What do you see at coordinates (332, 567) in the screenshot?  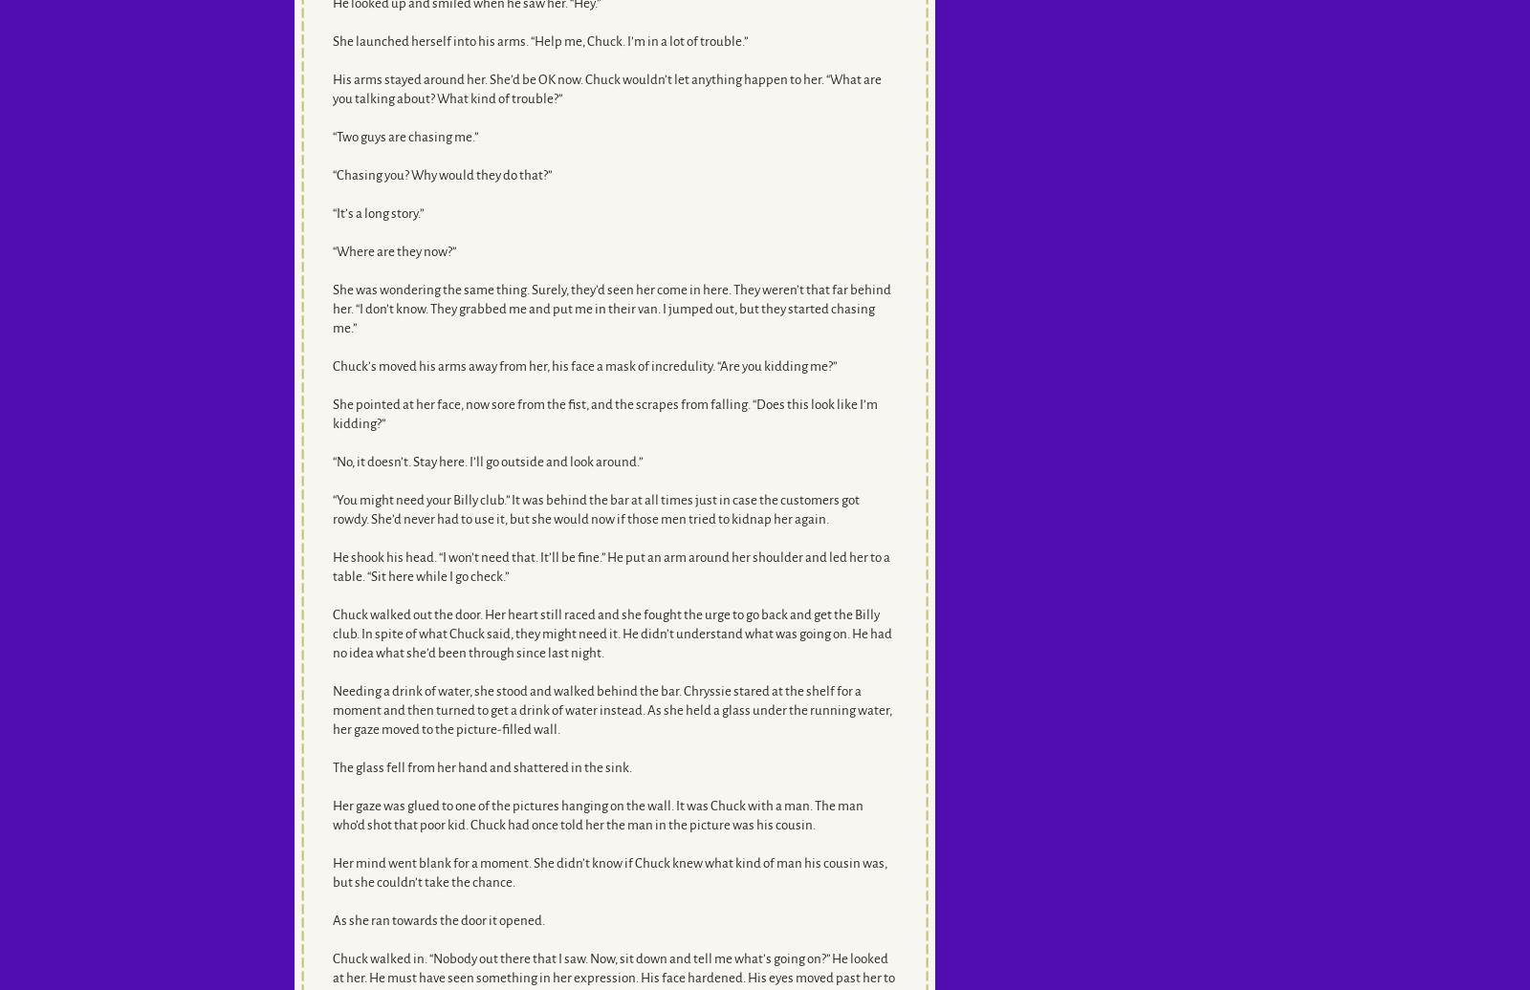 I see `'He shook his head. “I won’t need that. It’ll be fine.” He put an arm around her shoulder and led her to a table. “Sit here while I go check.”'` at bounding box center [332, 567].